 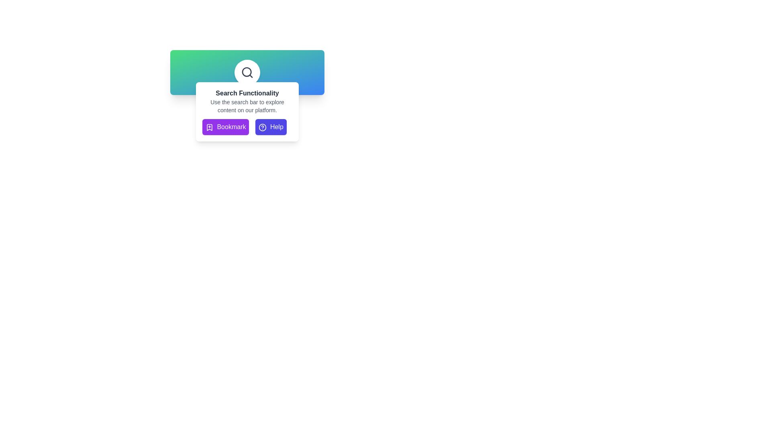 What do you see at coordinates (210, 126) in the screenshot?
I see `the purple bookmark icon with a cross mark inside, located to the left of the 'Bookmark' text, as part of clicking the 'Bookmark' button` at bounding box center [210, 126].